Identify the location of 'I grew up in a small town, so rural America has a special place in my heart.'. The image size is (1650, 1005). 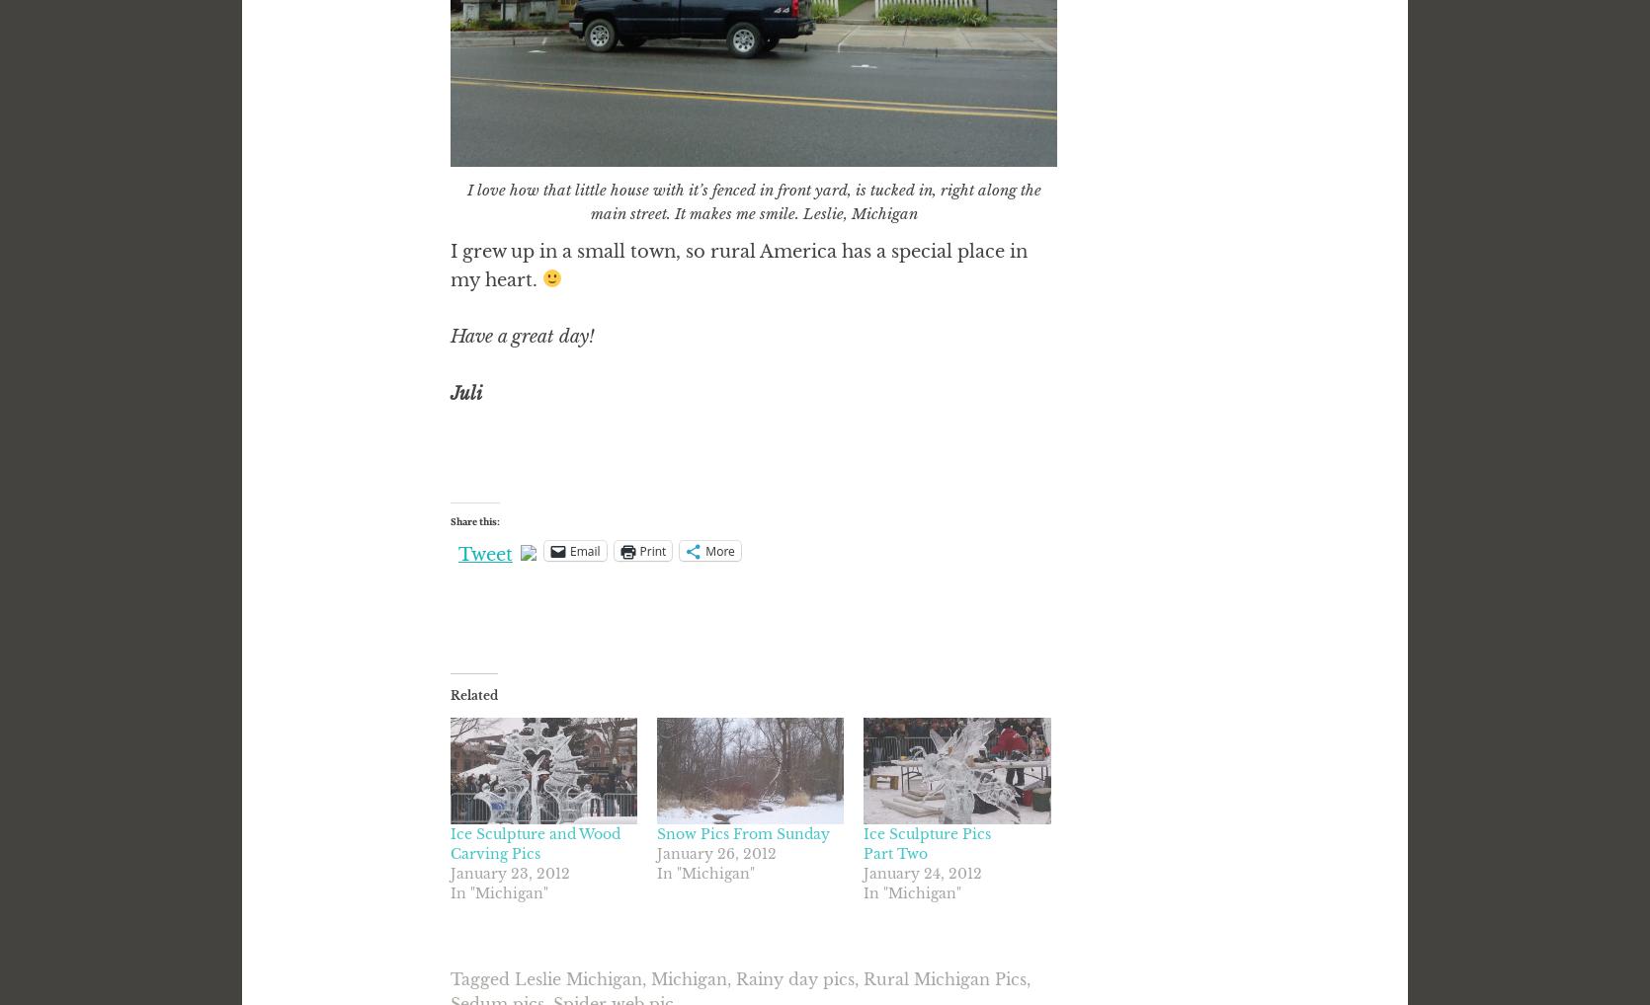
(738, 265).